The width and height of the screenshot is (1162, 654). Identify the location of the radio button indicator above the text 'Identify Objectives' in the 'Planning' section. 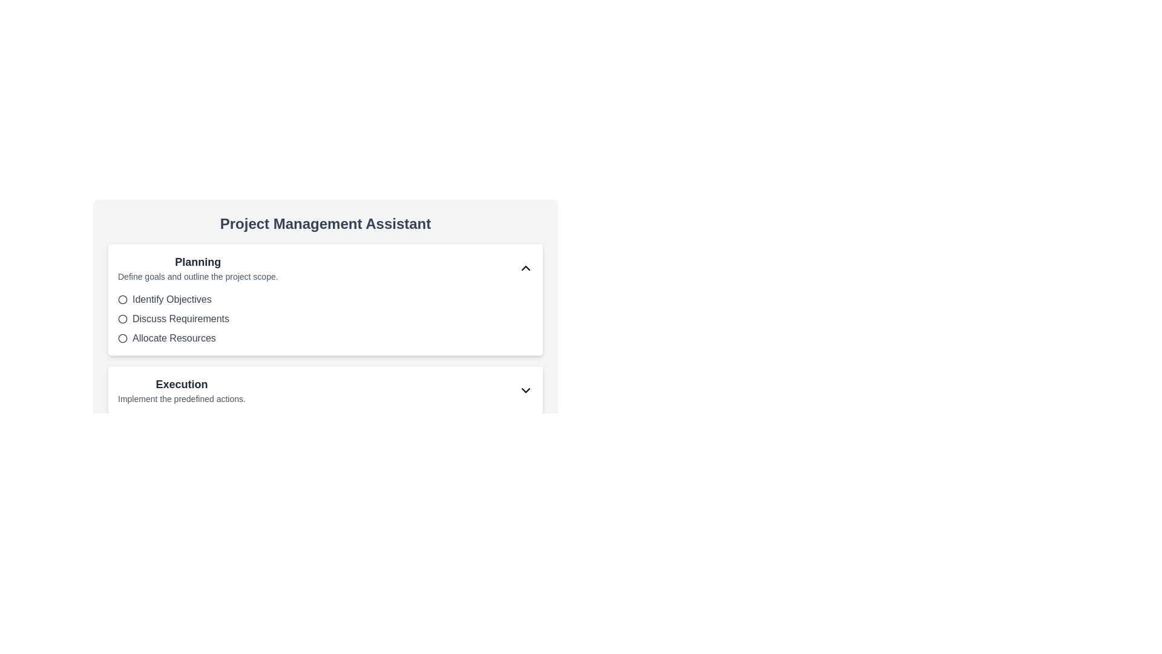
(122, 299).